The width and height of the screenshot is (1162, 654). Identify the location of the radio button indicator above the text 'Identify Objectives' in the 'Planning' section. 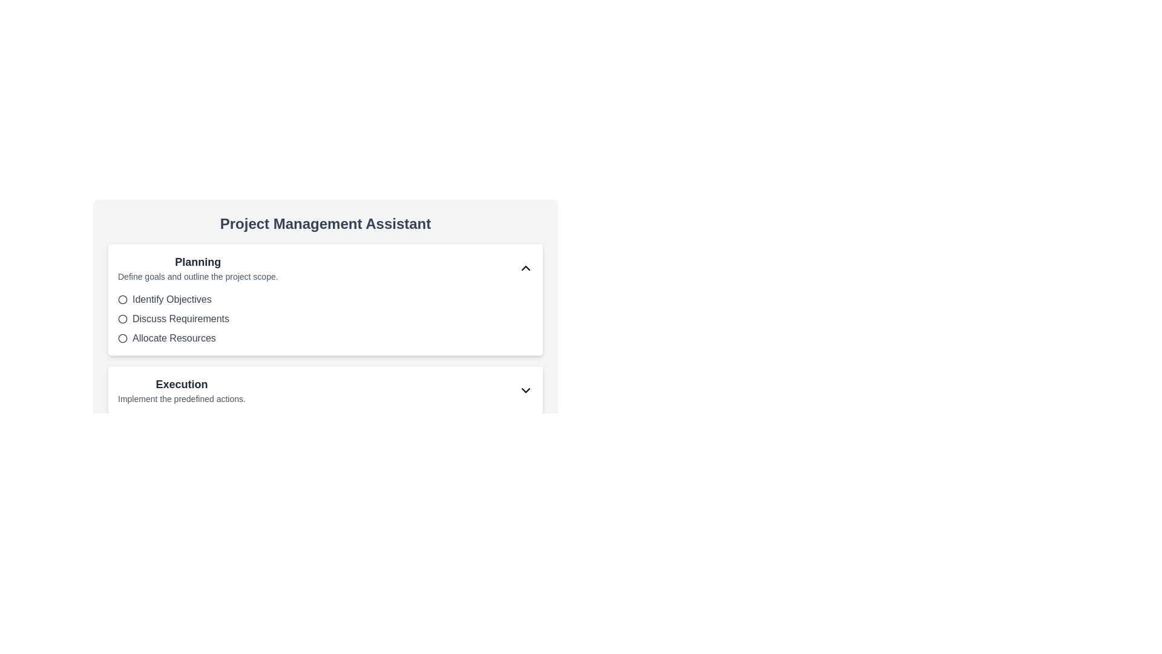
(122, 299).